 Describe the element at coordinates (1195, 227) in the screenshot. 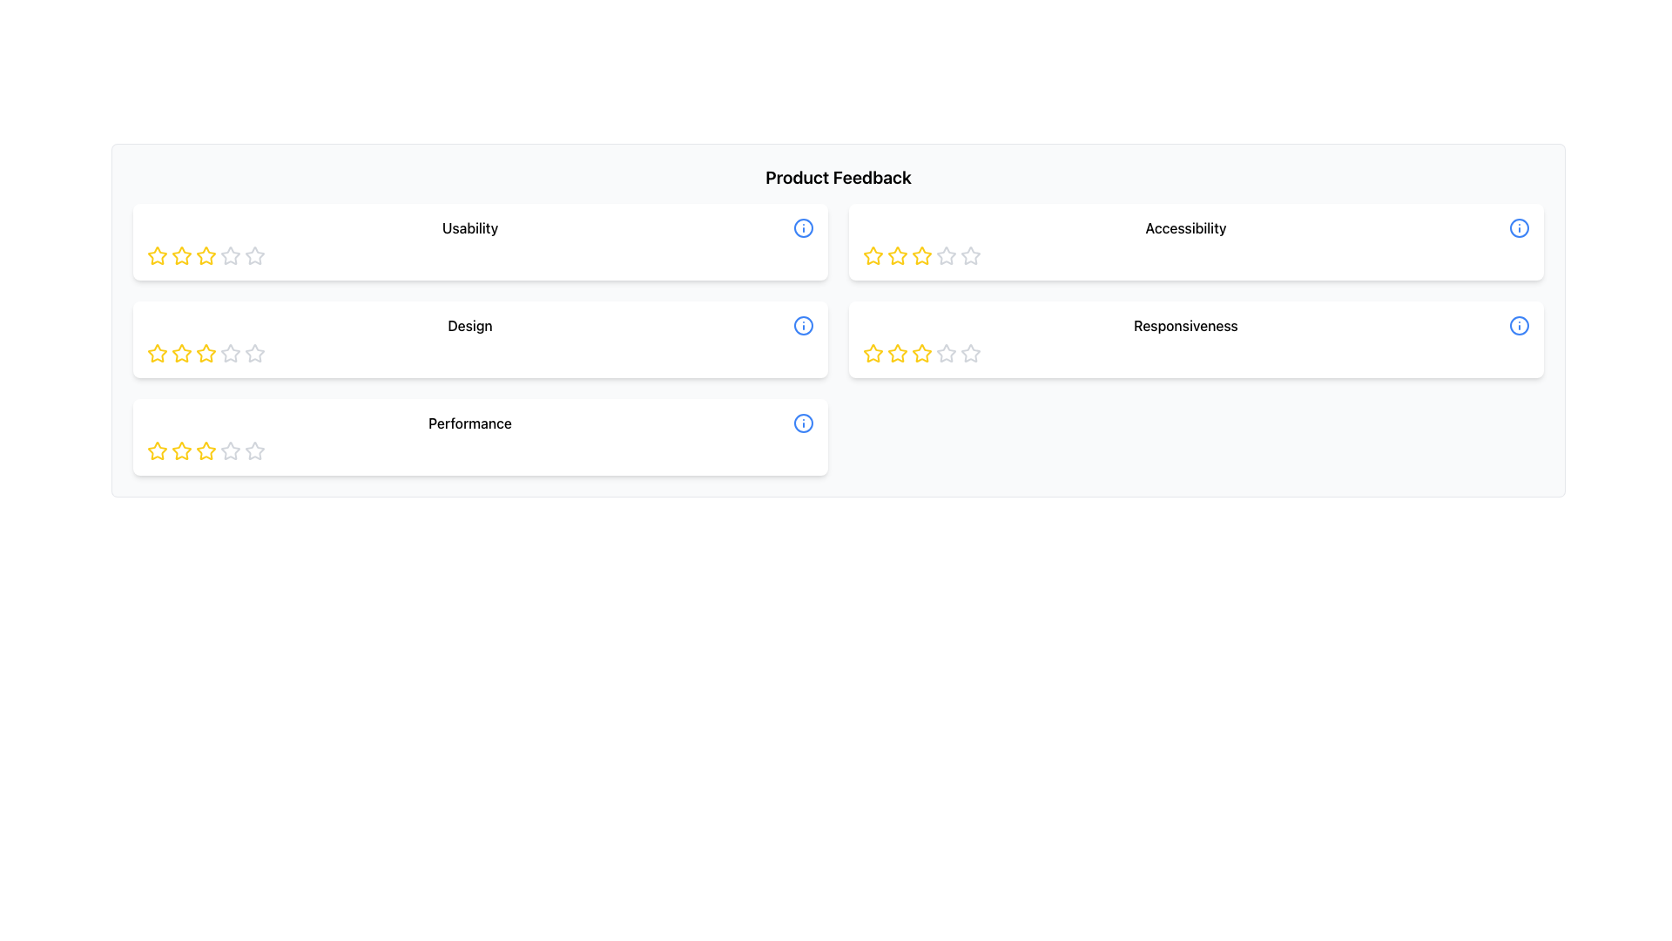

I see `the 'Accessibility' label with an icon located in the top-right position of the card to read the label` at that location.